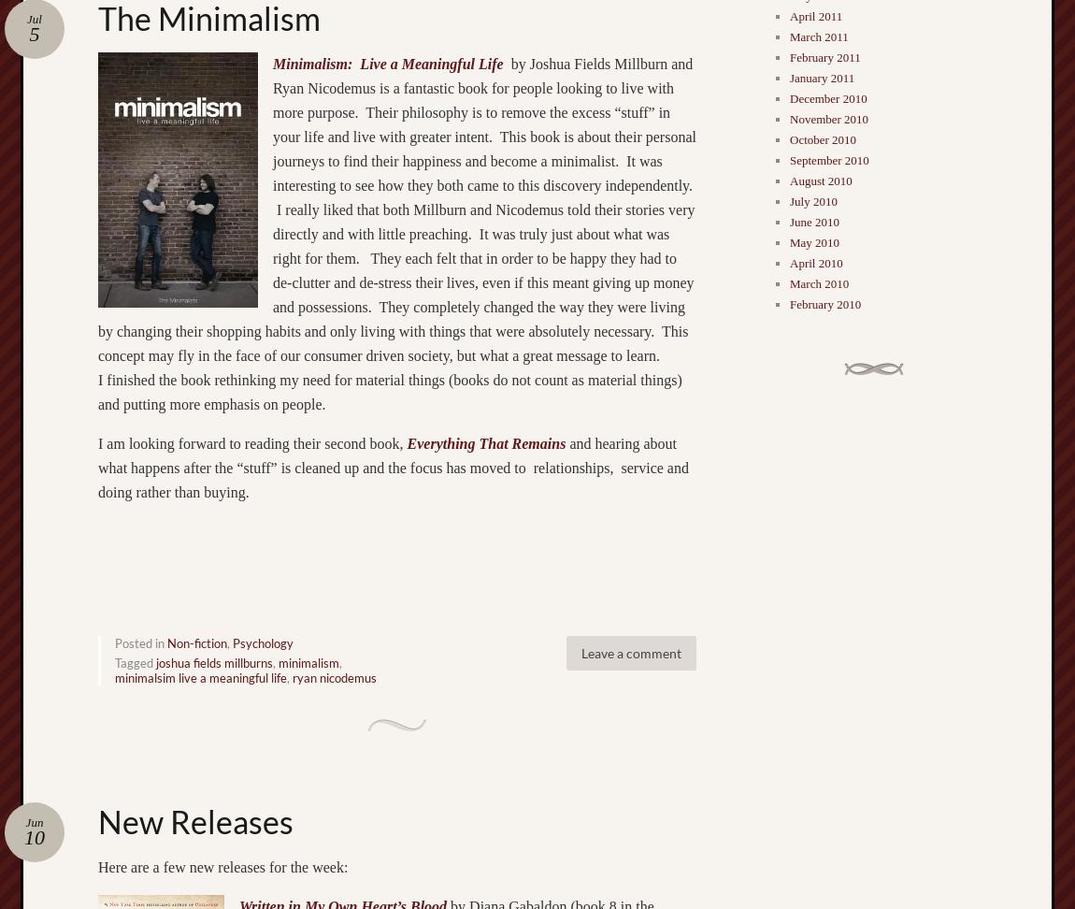 This screenshot has height=909, width=1075. Describe the element at coordinates (819, 283) in the screenshot. I see `'March 2010'` at that location.